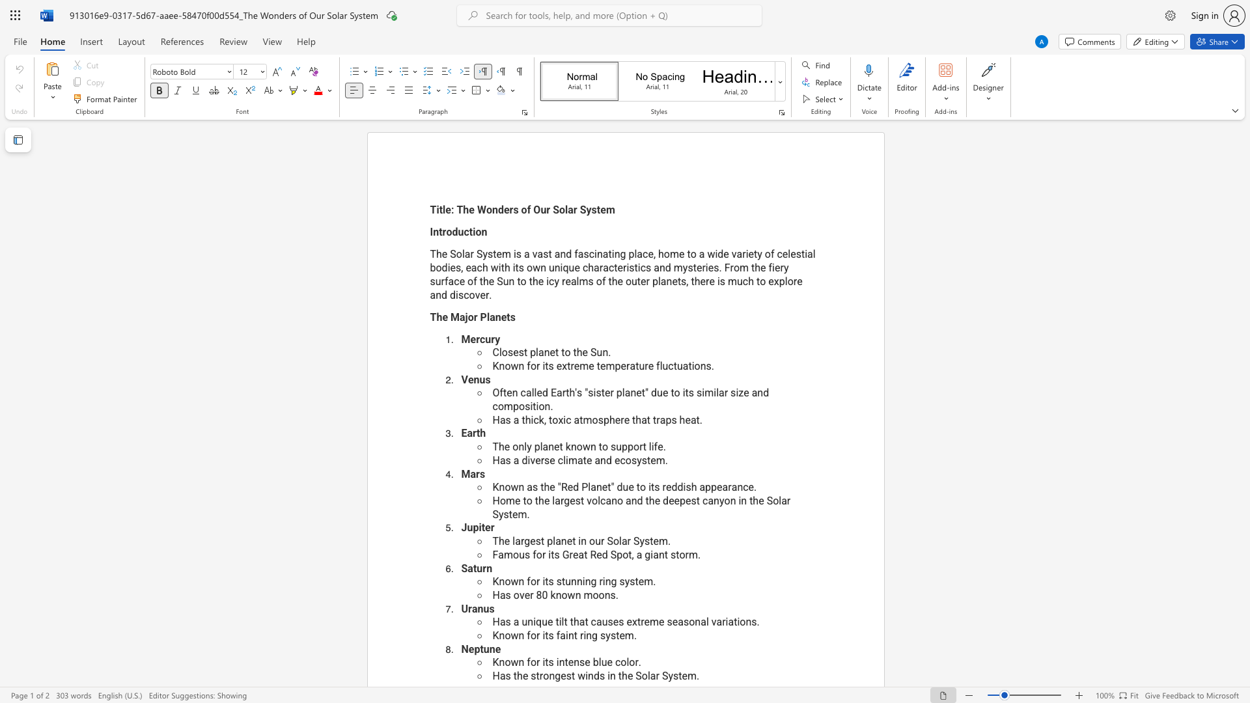 The height and width of the screenshot is (703, 1250). Describe the element at coordinates (471, 231) in the screenshot. I see `the space between the continuous character "t" and "i" in the text` at that location.